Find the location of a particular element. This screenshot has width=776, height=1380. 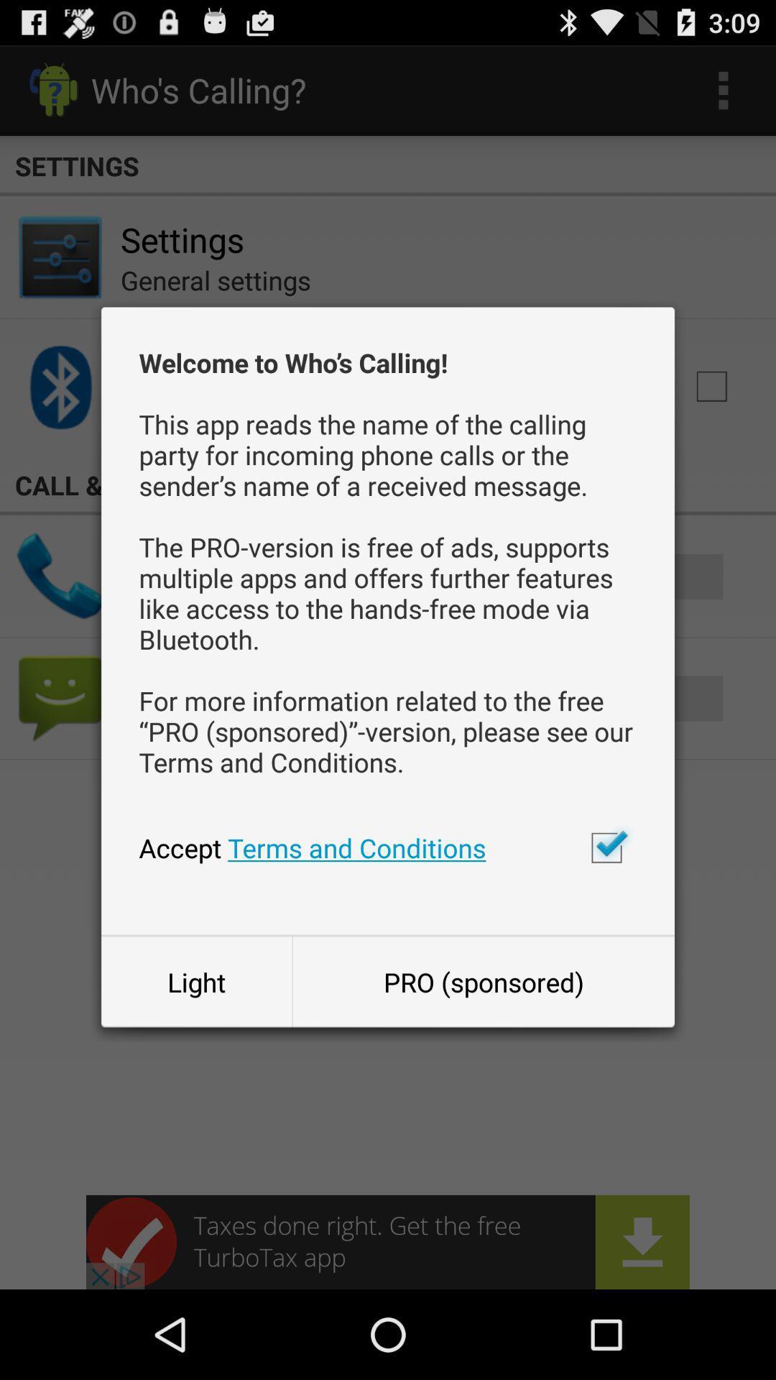

the pro (sponsored) icon is located at coordinates (484, 981).